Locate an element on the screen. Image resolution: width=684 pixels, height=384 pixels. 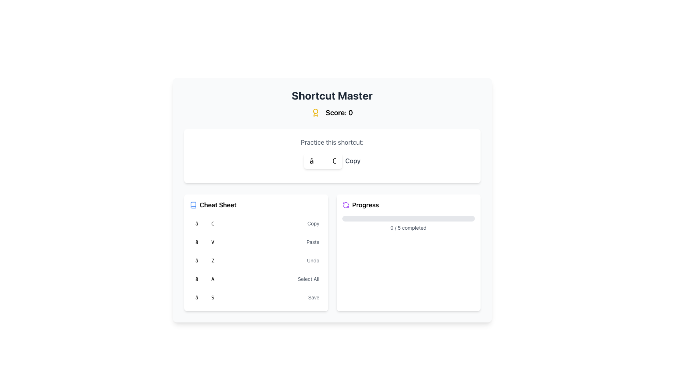
the shortcut display button that visually represents the '⌘ C' key combination, indicating the Copy action, located in the top-center section of the interface is located at coordinates (323, 161).